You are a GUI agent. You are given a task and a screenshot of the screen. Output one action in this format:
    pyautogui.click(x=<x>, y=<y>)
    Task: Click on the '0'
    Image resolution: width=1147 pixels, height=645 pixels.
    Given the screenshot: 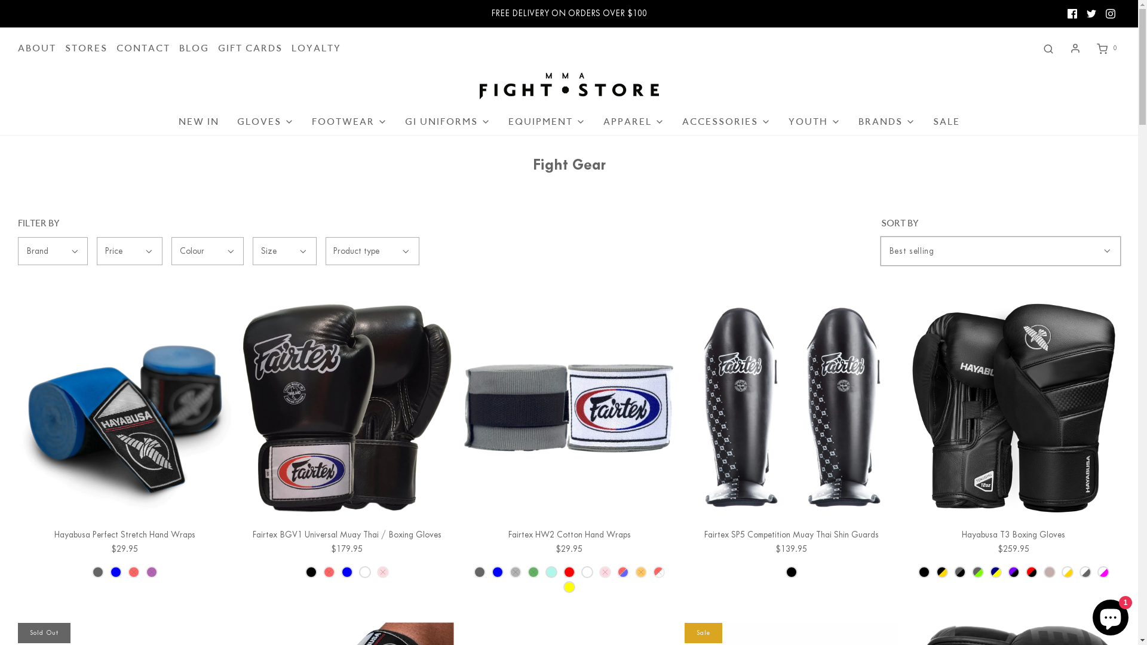 What is the action you would take?
    pyautogui.click(x=1105, y=48)
    